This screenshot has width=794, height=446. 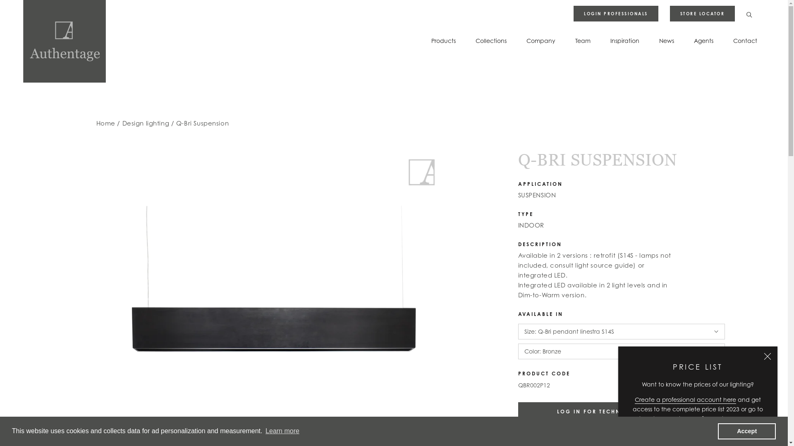 I want to click on 'Design lighting', so click(x=146, y=123).